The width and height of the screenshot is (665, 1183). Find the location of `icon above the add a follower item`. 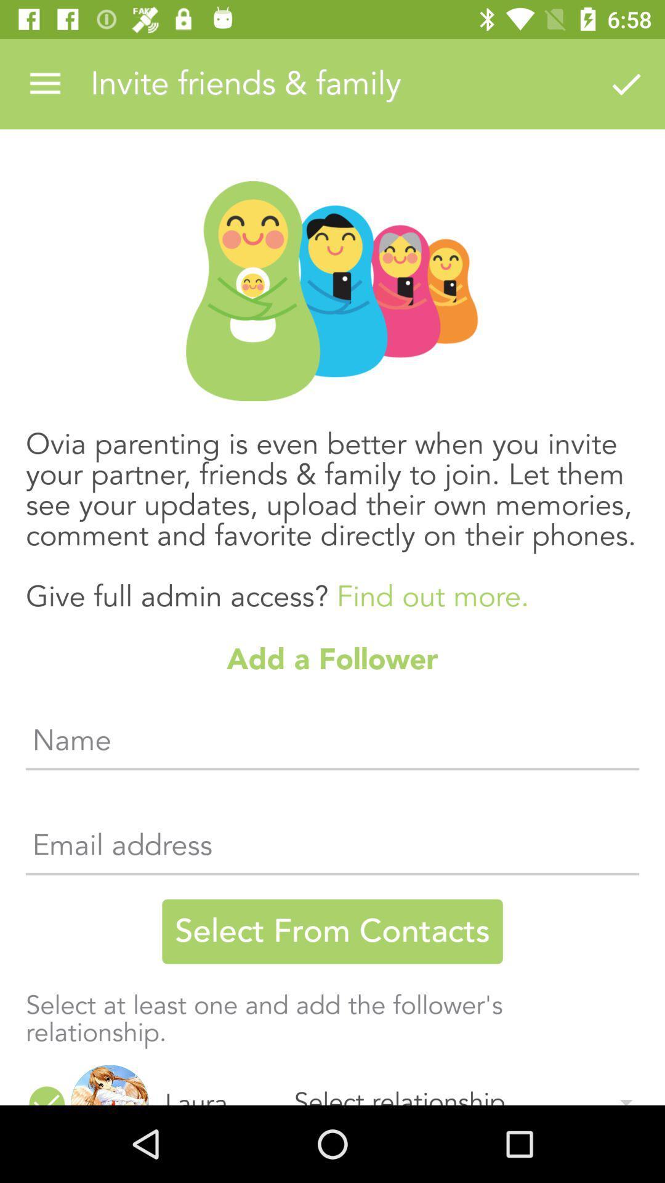

icon above the add a follower item is located at coordinates (332, 508).